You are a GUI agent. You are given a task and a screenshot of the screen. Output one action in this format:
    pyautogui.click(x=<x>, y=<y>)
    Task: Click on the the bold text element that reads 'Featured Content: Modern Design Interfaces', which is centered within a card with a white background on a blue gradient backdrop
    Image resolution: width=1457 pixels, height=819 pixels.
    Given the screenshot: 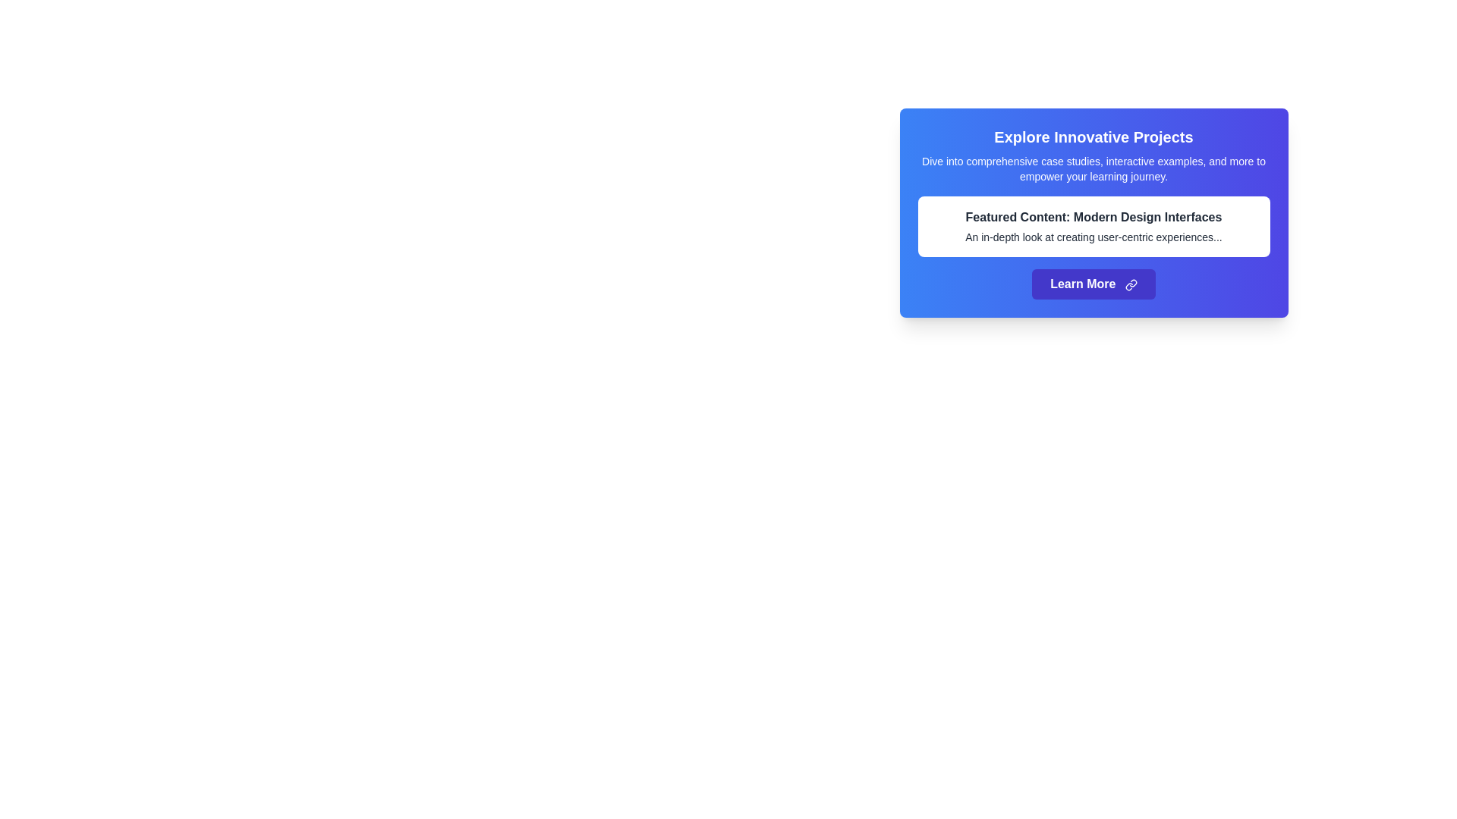 What is the action you would take?
    pyautogui.click(x=1094, y=217)
    